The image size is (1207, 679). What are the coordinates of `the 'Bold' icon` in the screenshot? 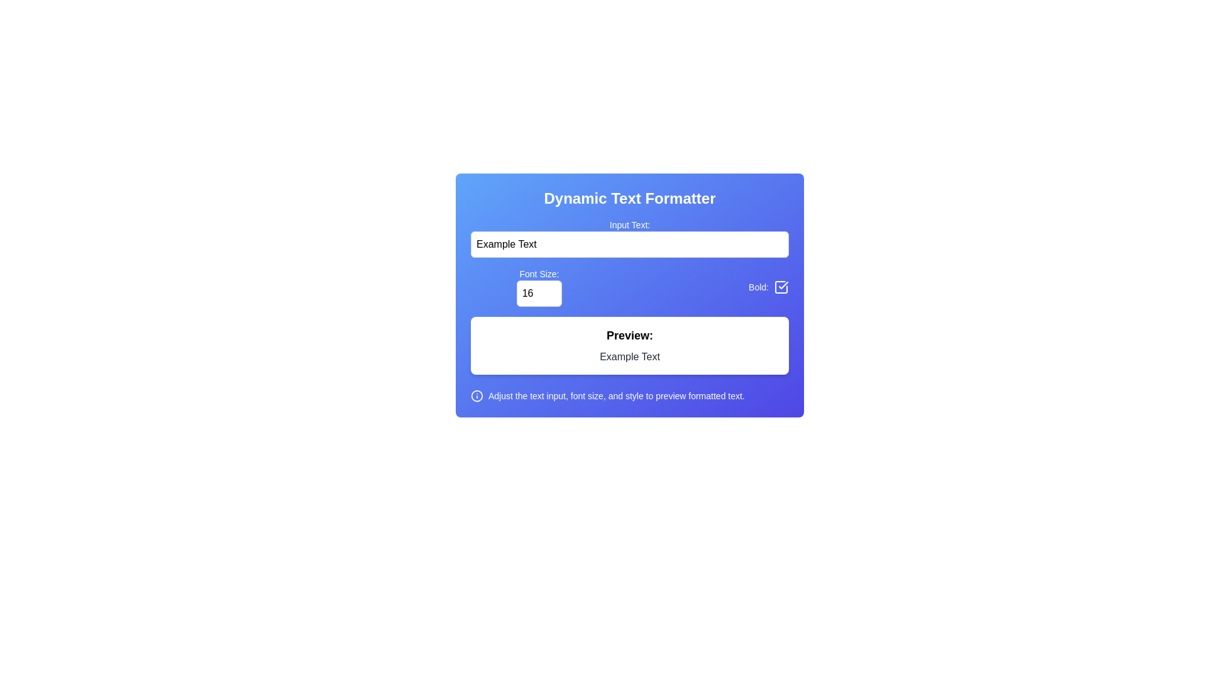 It's located at (781, 287).